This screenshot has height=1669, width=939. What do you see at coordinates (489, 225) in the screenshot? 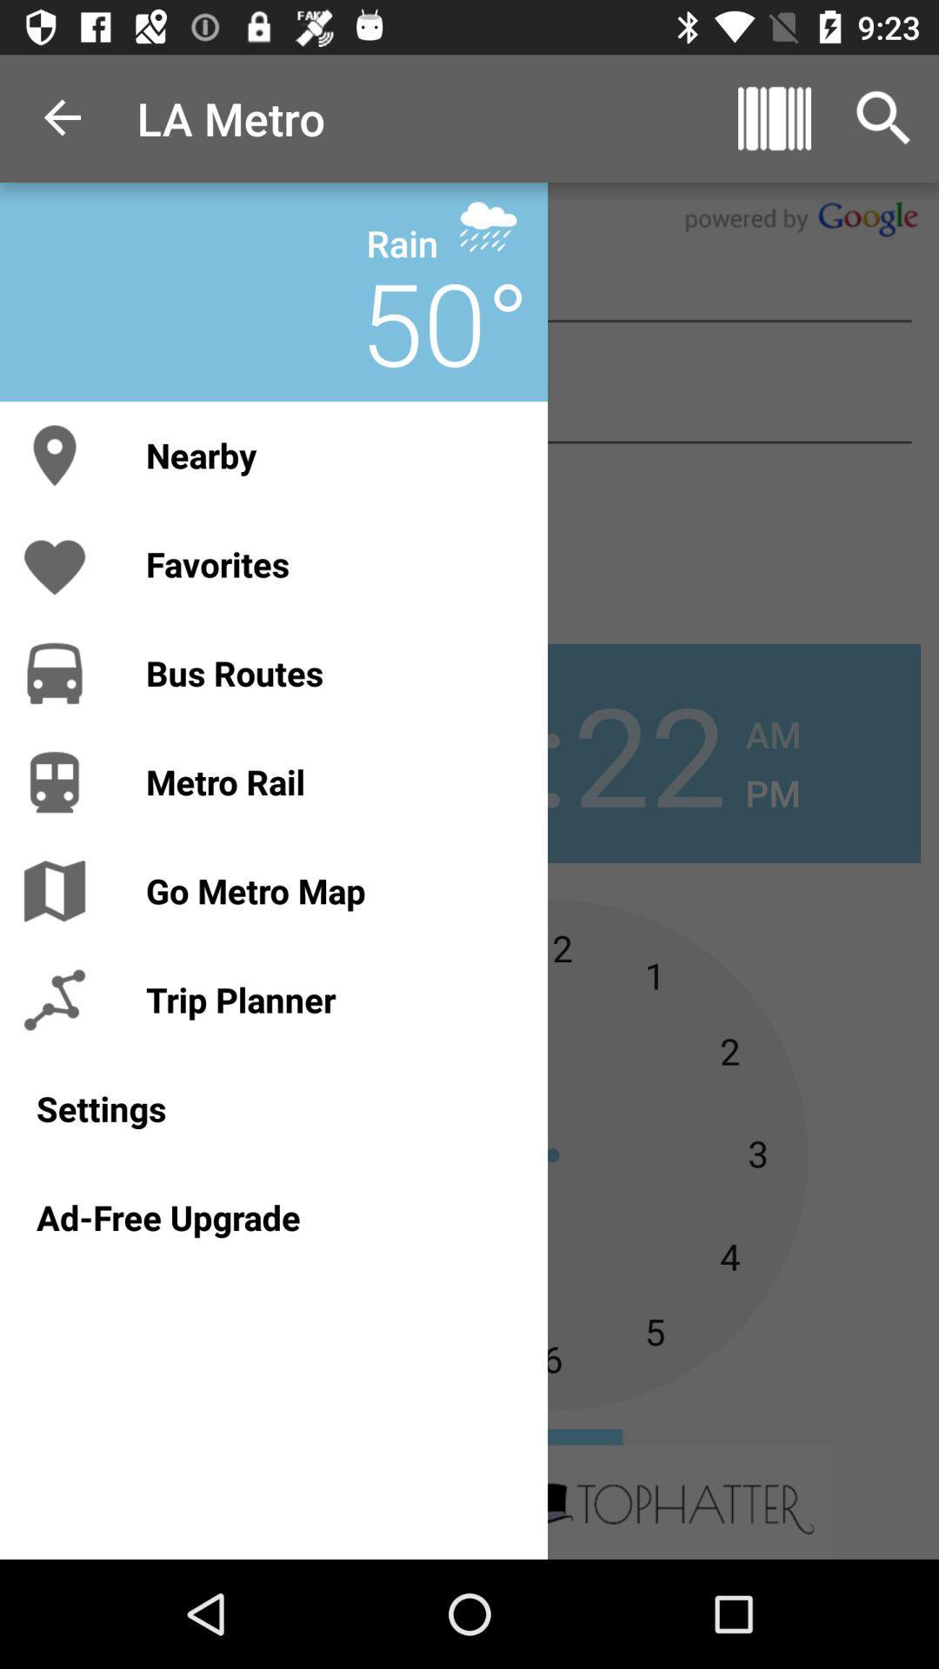
I see `cloud icon right to rain` at bounding box center [489, 225].